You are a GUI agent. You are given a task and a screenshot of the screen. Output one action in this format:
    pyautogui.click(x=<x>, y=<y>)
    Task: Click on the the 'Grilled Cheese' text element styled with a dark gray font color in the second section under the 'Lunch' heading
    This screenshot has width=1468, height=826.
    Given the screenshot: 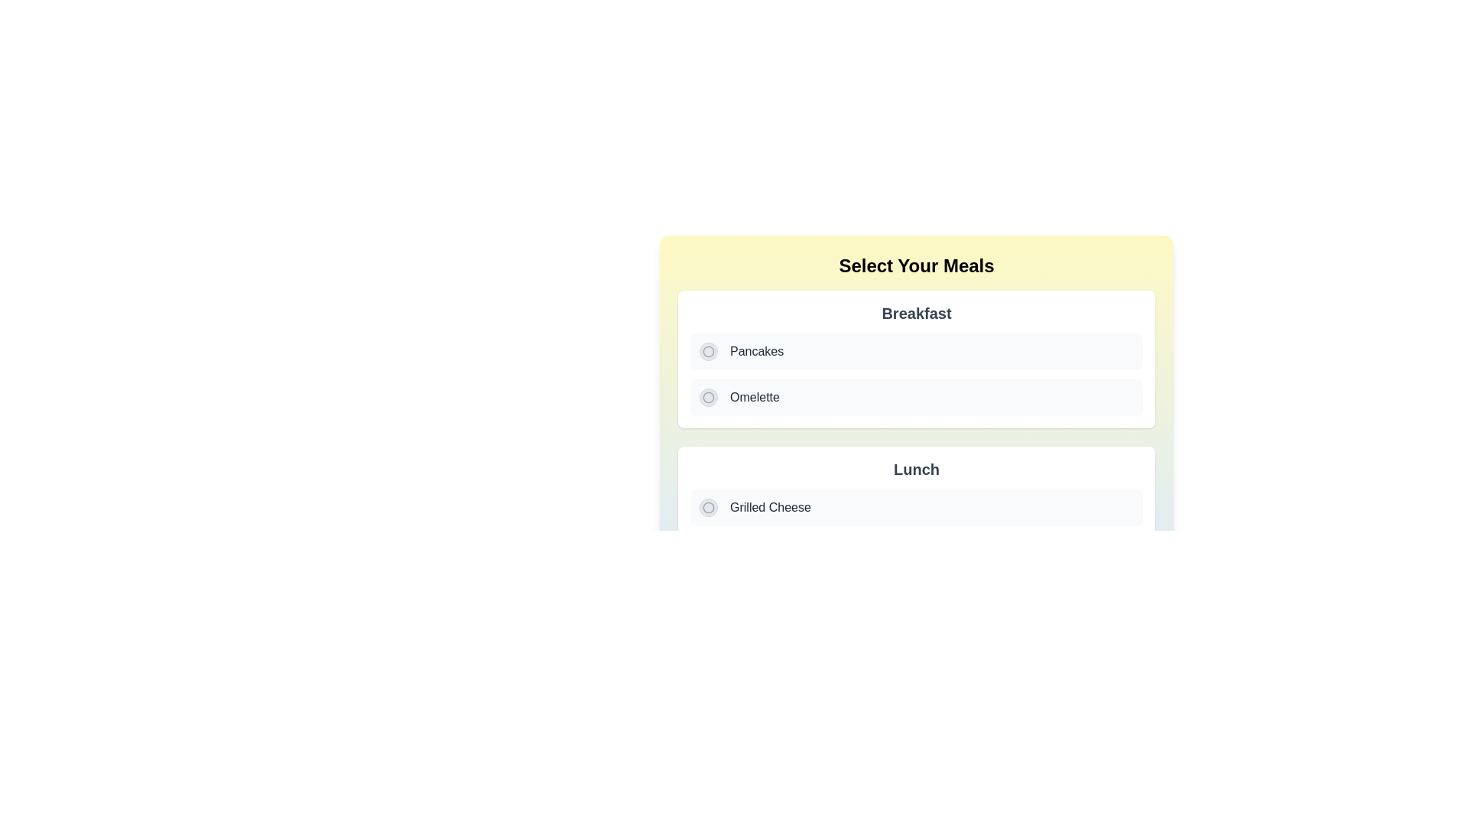 What is the action you would take?
    pyautogui.click(x=771, y=507)
    